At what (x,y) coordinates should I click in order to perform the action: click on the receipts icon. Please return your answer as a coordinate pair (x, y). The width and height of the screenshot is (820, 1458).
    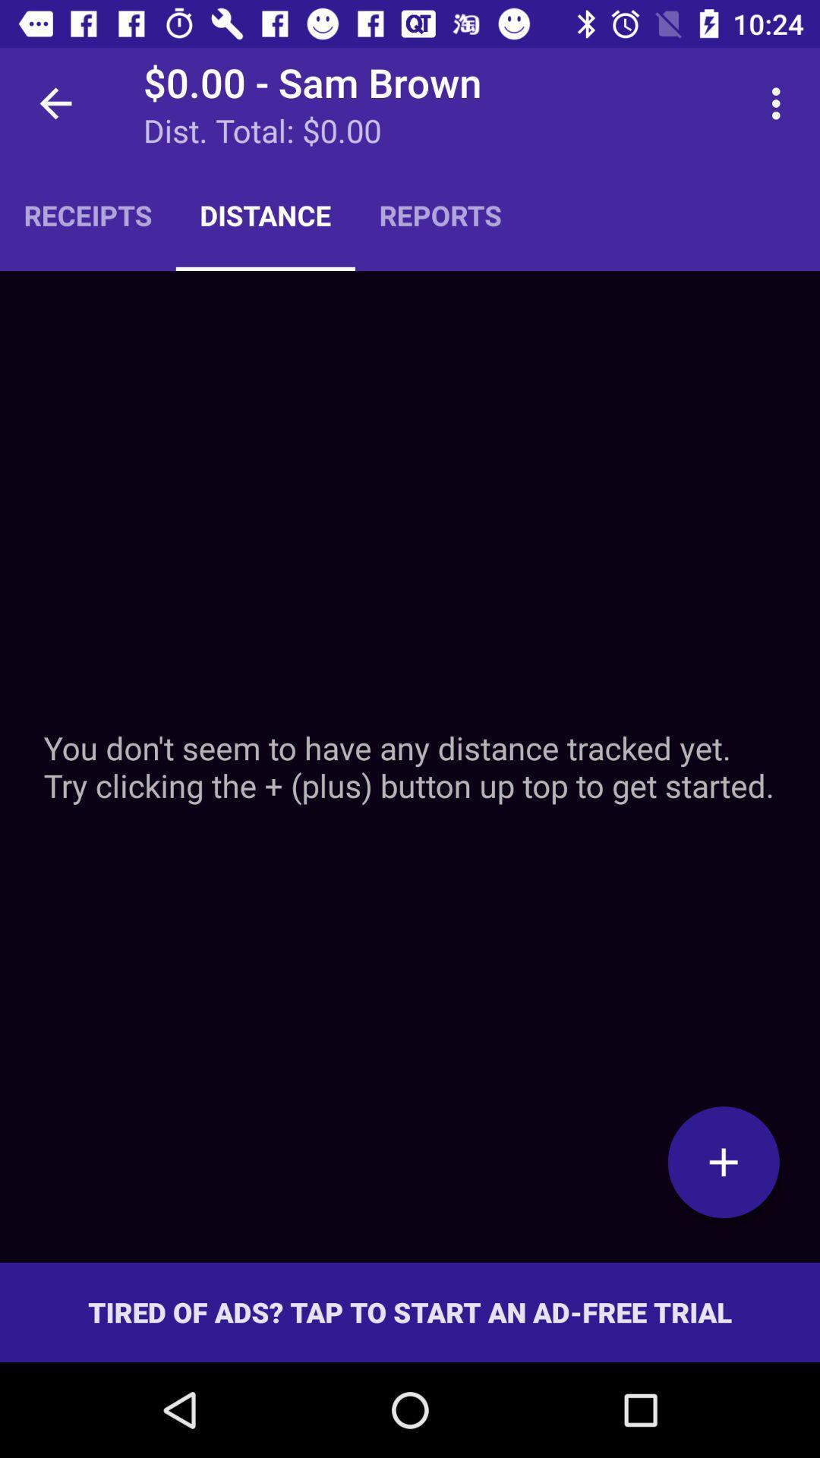
    Looking at the image, I should click on (87, 214).